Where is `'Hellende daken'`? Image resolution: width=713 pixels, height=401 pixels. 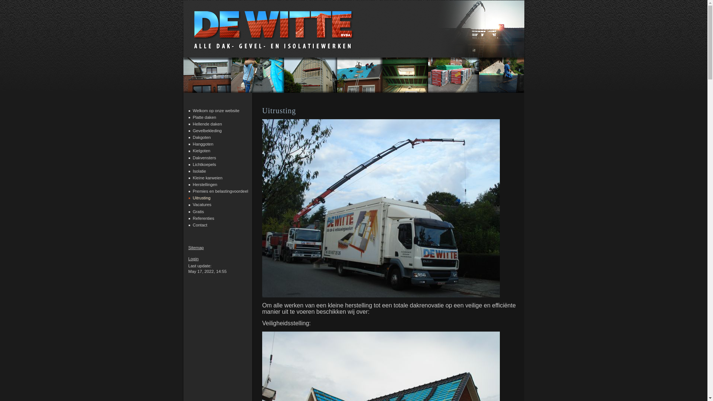
'Hellende daken' is located at coordinates (207, 124).